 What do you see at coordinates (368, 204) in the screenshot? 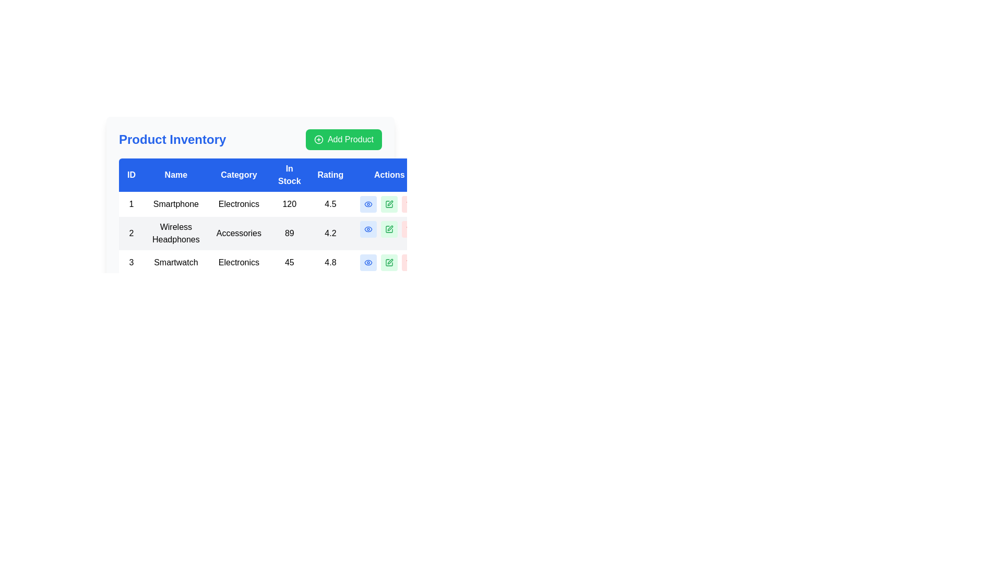
I see `the 'View' action button for the 'Smartphone' product, which is the first button in the 'Actions' column of the first row in the table` at bounding box center [368, 204].